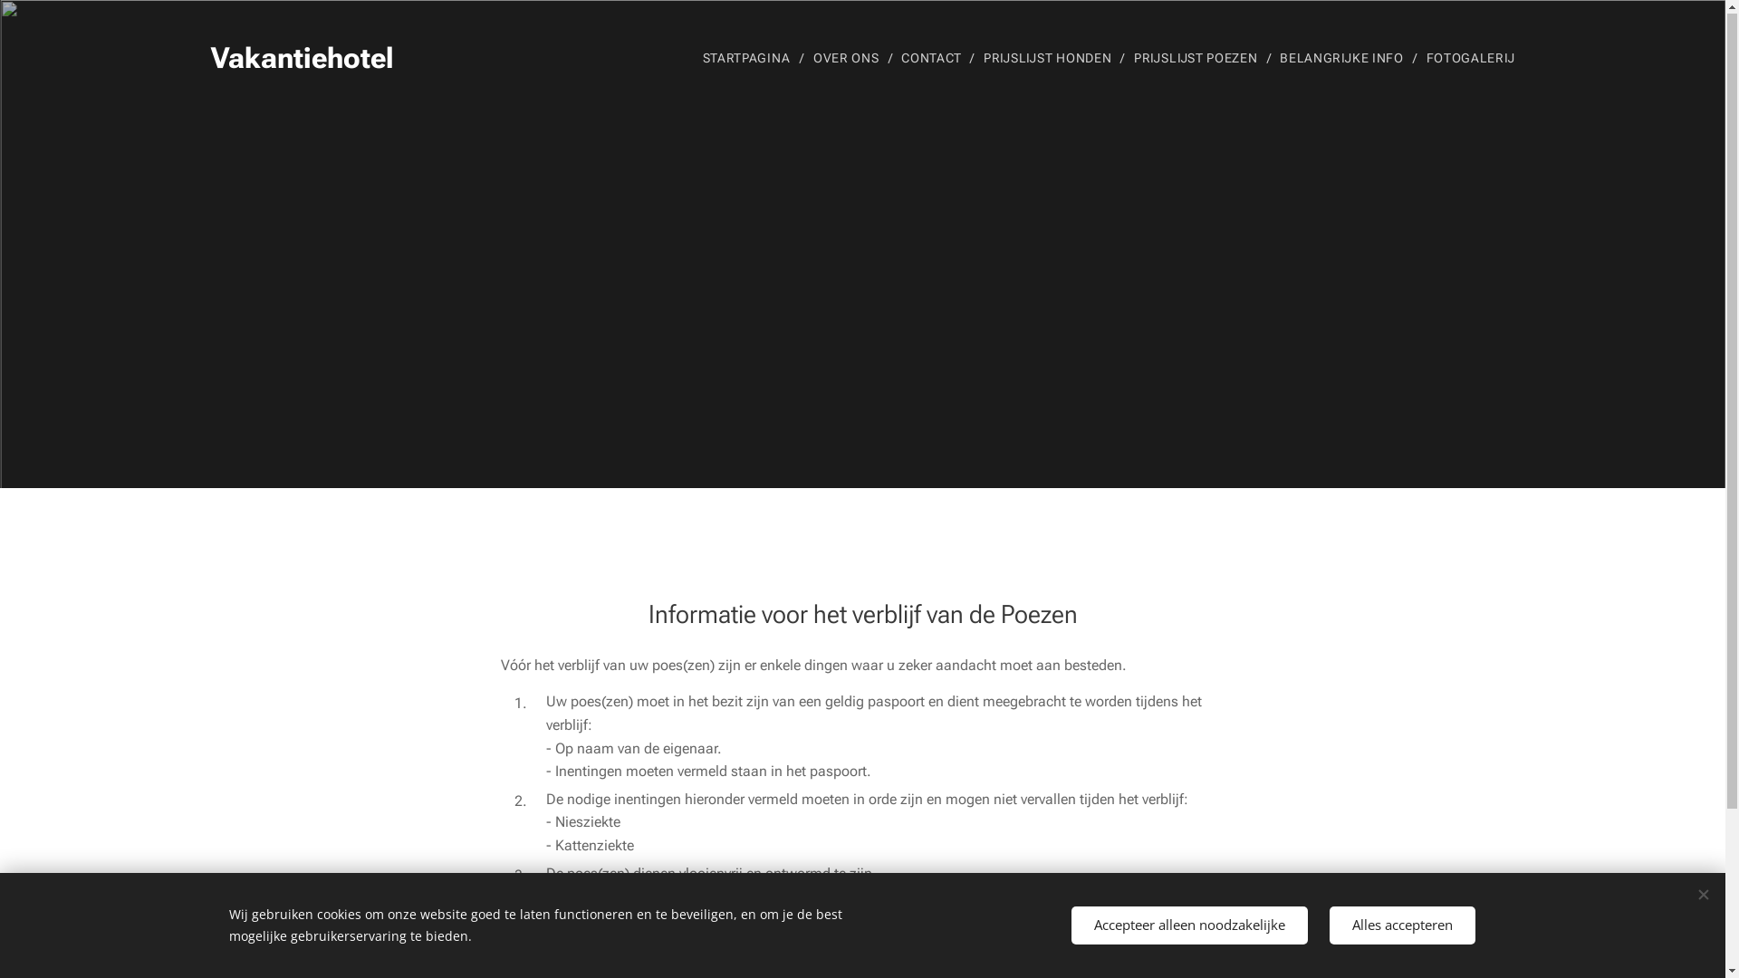 This screenshot has height=978, width=1739. I want to click on 'PRIJSLIJST HONDEN', so click(1049, 58).